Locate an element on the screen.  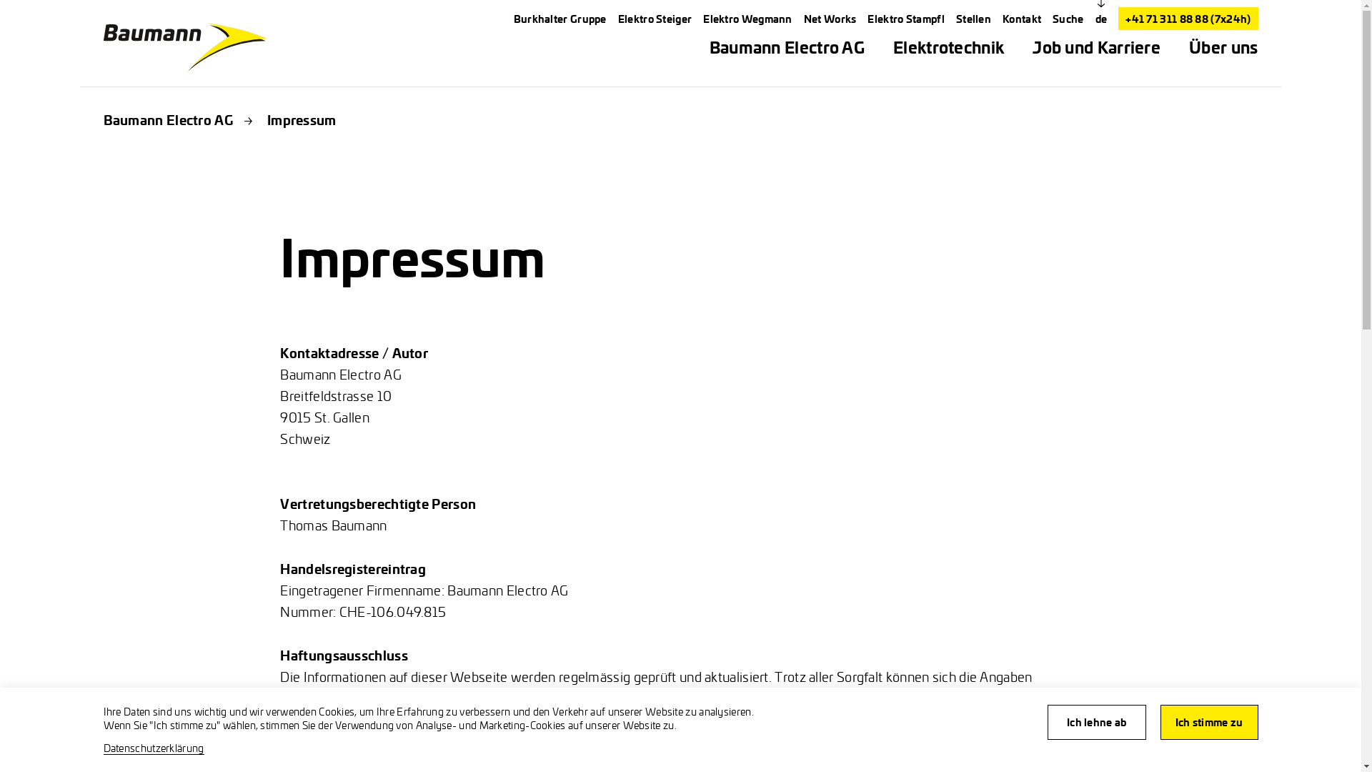
'Ich stimme zu' is located at coordinates (1160, 722).